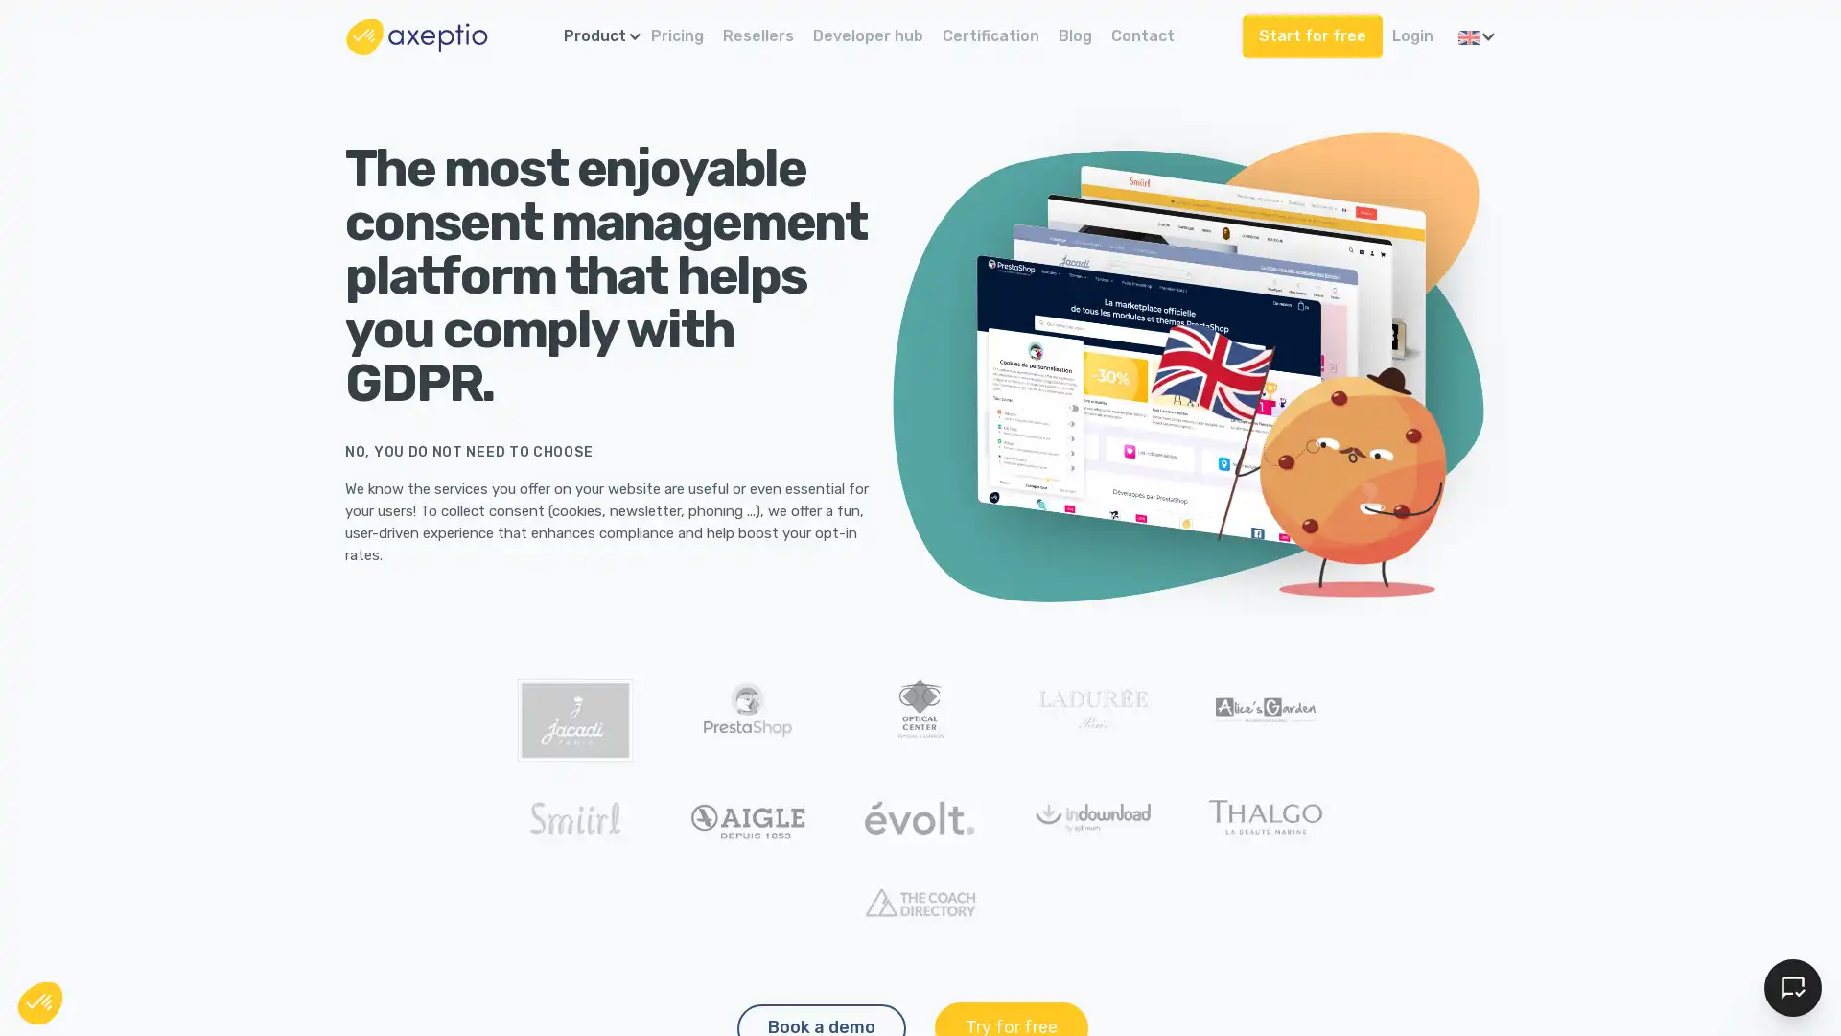 The image size is (1841, 1036). I want to click on Accept Cookies, so click(1792, 987).